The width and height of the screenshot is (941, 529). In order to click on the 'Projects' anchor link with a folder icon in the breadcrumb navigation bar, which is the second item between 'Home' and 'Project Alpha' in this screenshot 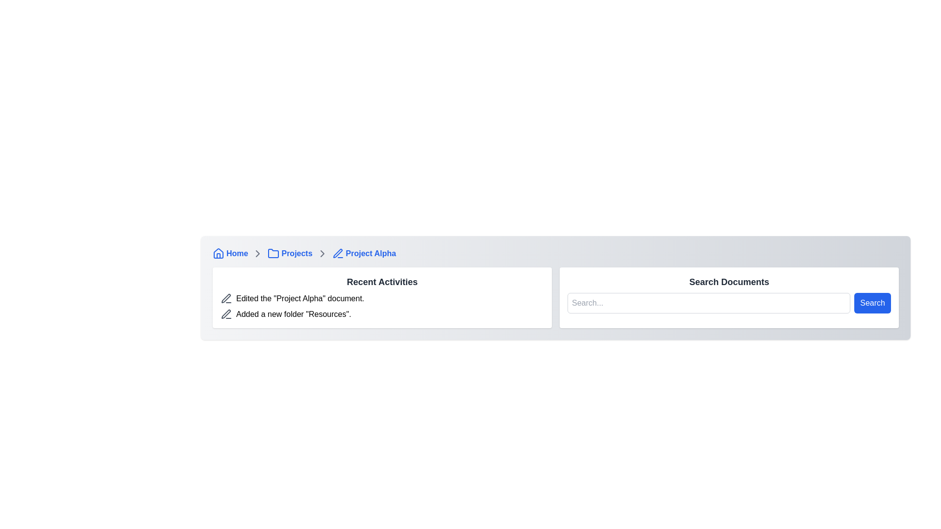, I will do `click(289, 253)`.